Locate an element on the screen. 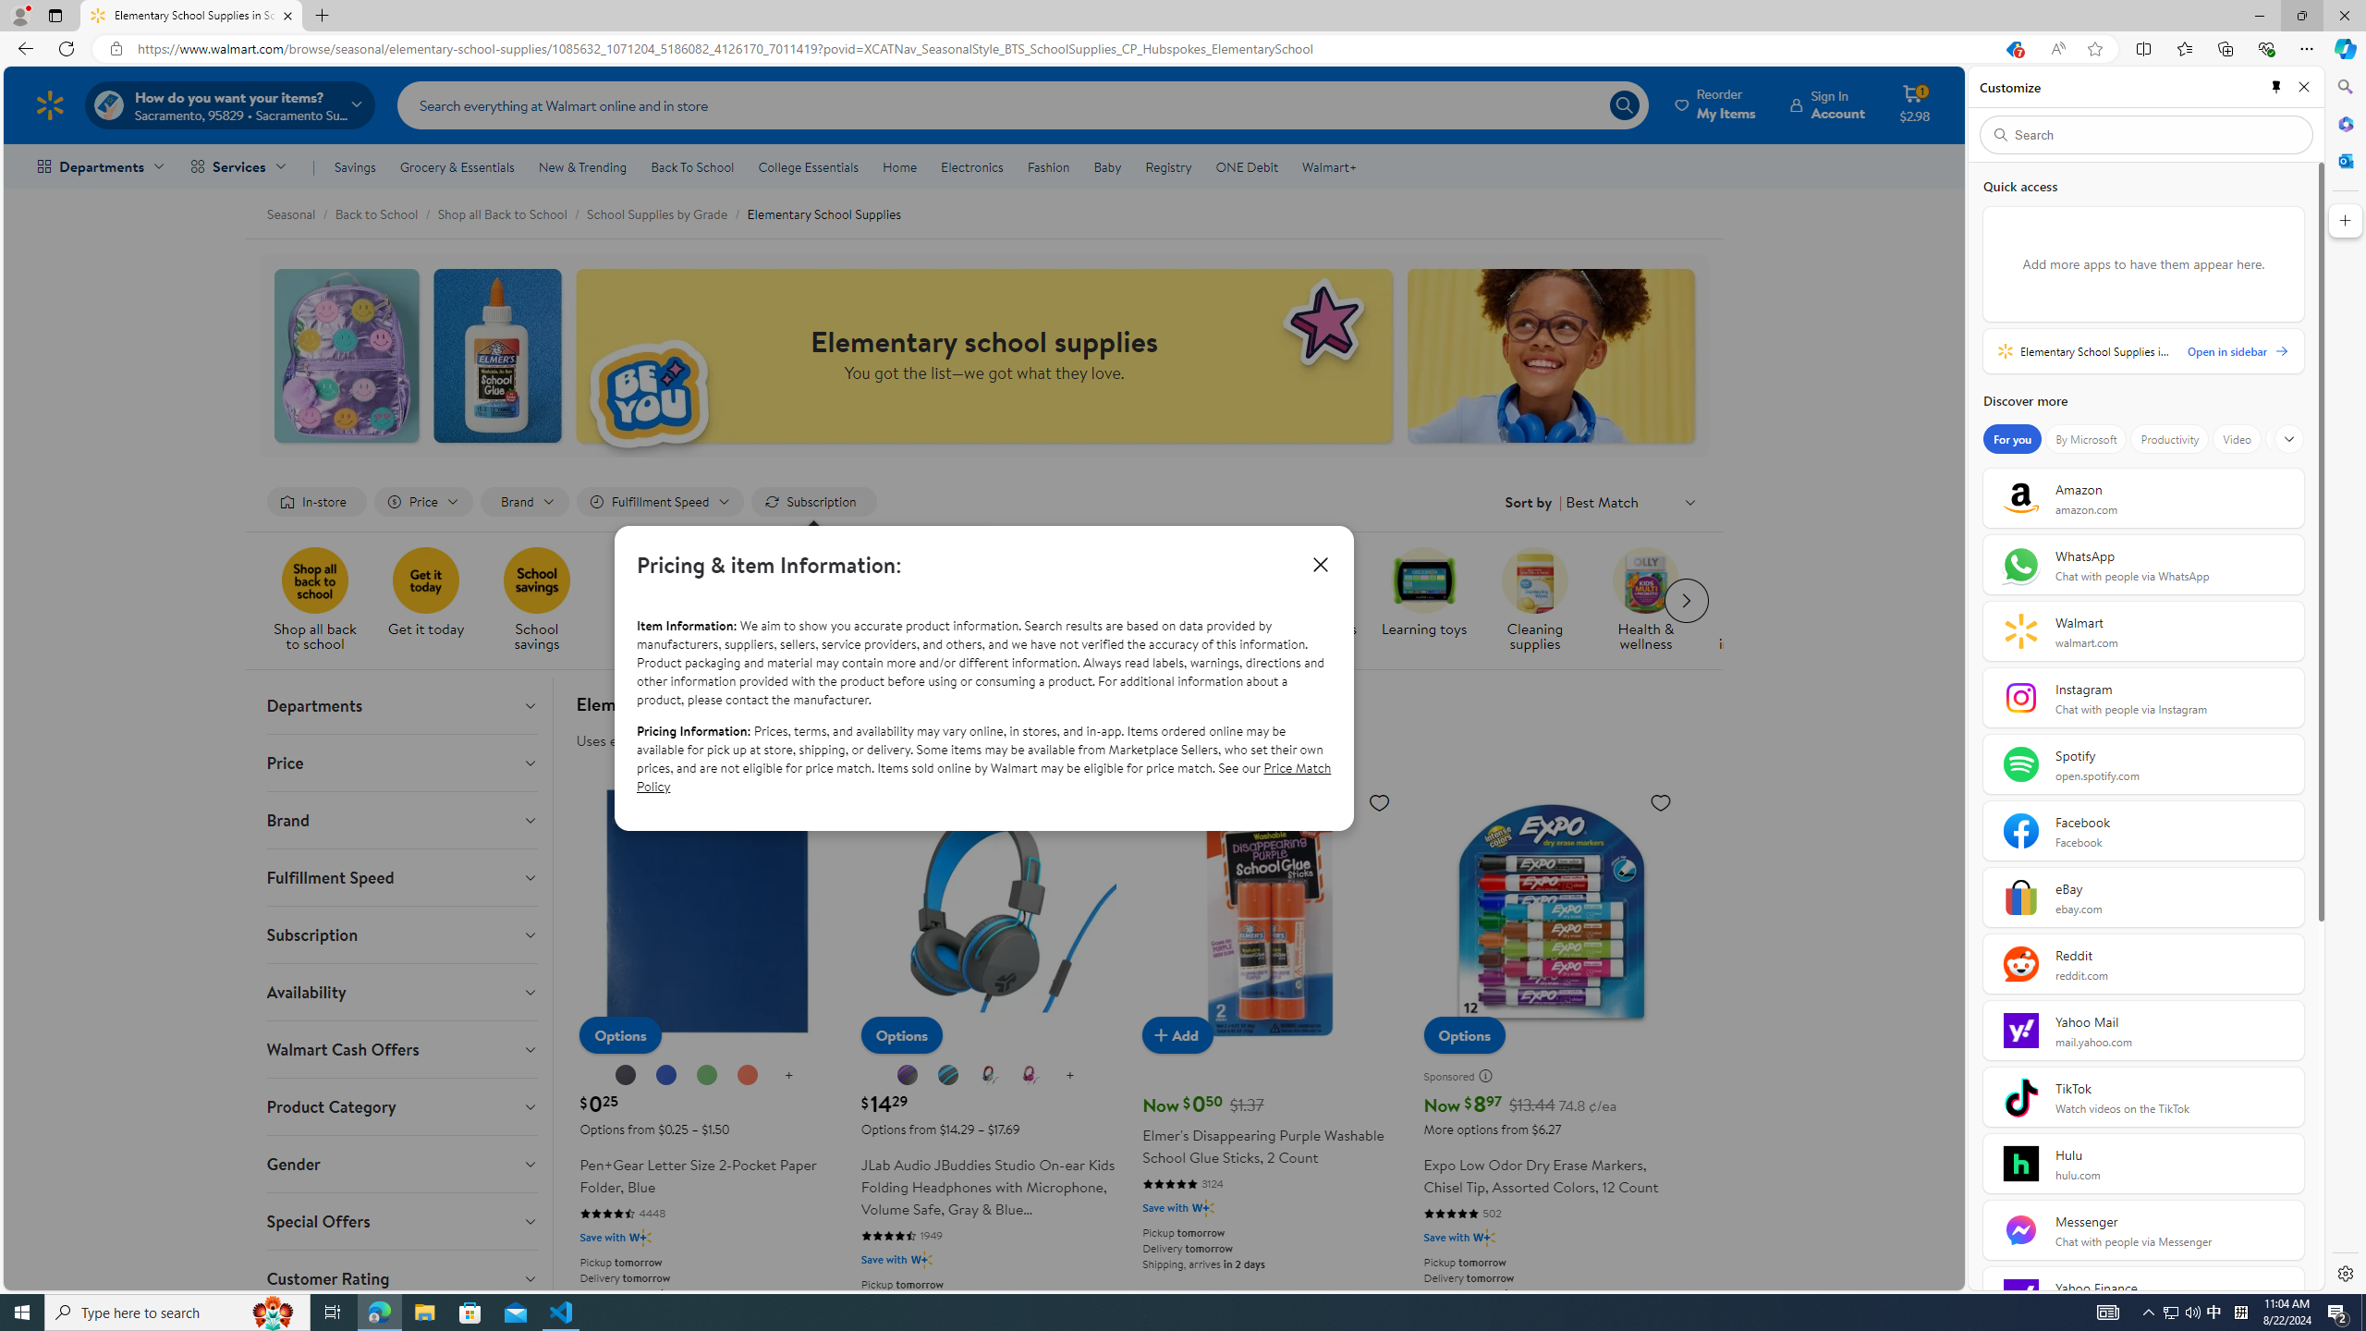 Image resolution: width=2366 pixels, height=1331 pixels. 'Productivity' is located at coordinates (2169, 438).